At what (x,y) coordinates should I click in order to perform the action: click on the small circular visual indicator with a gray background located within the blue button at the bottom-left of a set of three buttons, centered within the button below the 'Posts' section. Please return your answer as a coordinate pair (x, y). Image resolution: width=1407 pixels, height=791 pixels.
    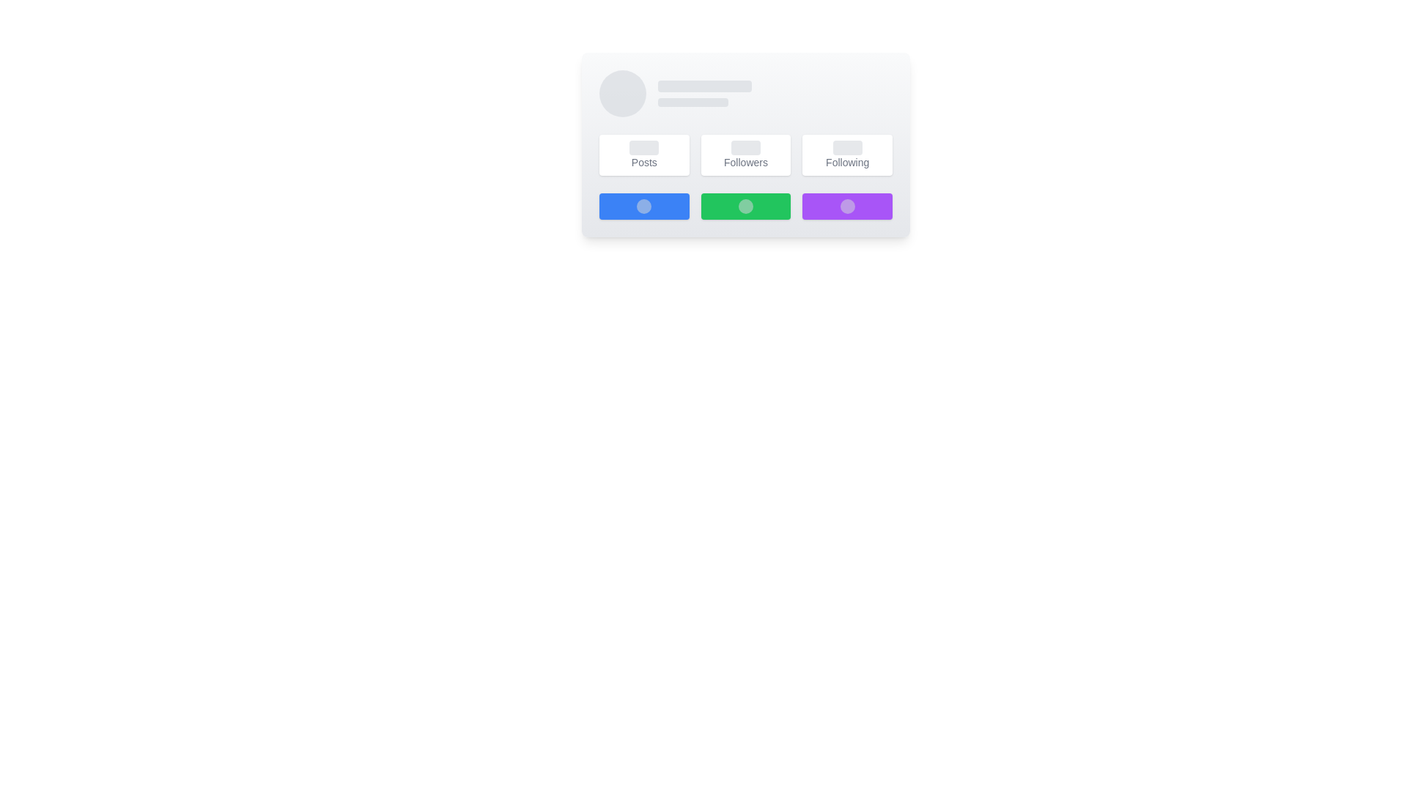
    Looking at the image, I should click on (644, 206).